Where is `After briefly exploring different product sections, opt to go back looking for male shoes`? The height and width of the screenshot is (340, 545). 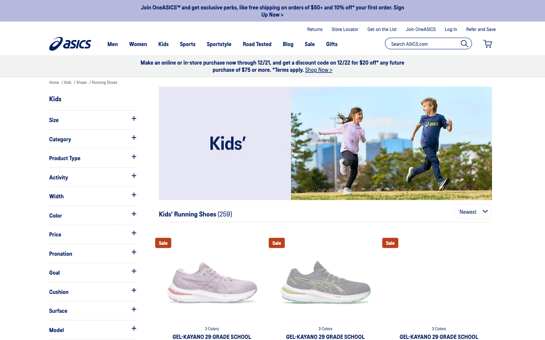
After briefly exploring different product sections, opt to go back looking for male shoes is located at coordinates (92, 139).